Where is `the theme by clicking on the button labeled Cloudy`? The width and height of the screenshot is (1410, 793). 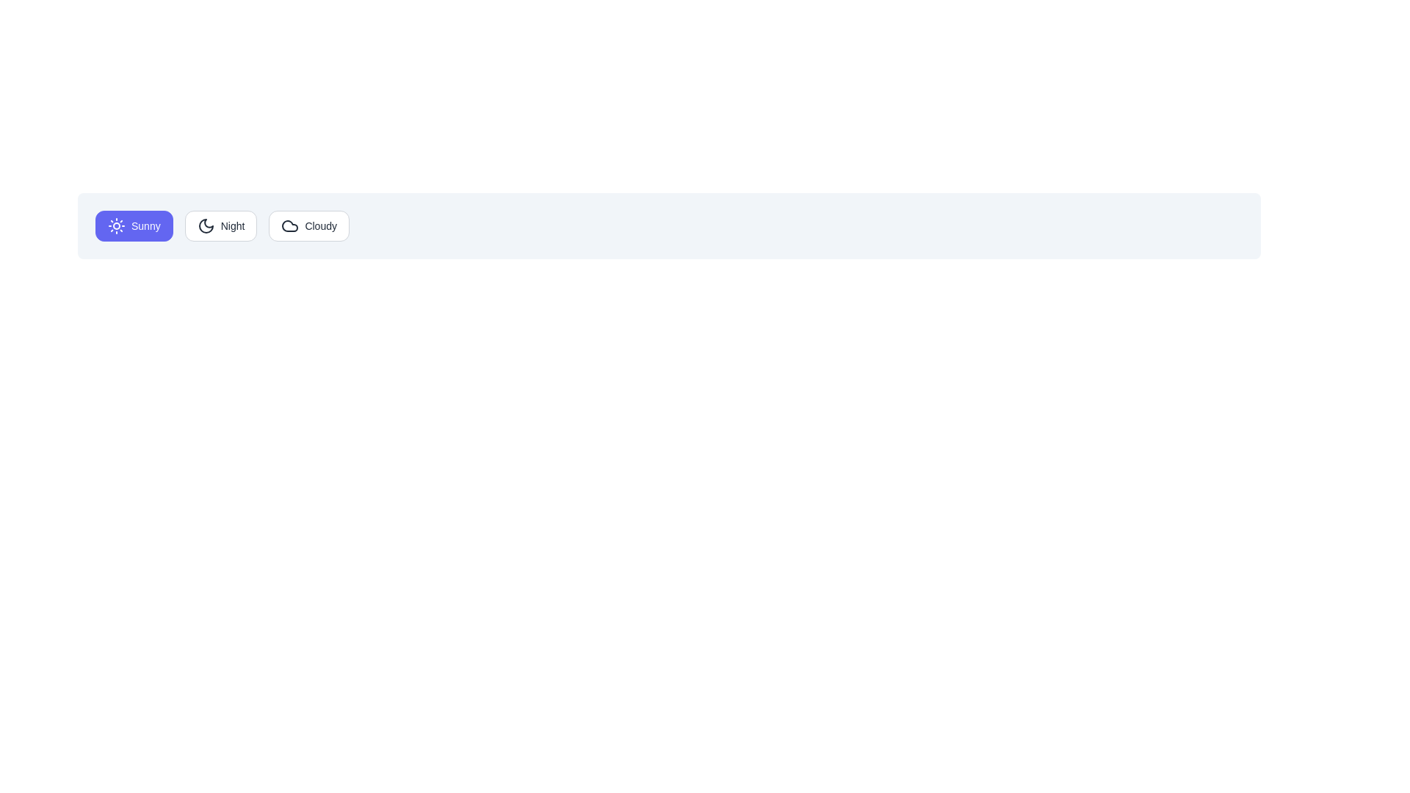 the theme by clicking on the button labeled Cloudy is located at coordinates (308, 226).